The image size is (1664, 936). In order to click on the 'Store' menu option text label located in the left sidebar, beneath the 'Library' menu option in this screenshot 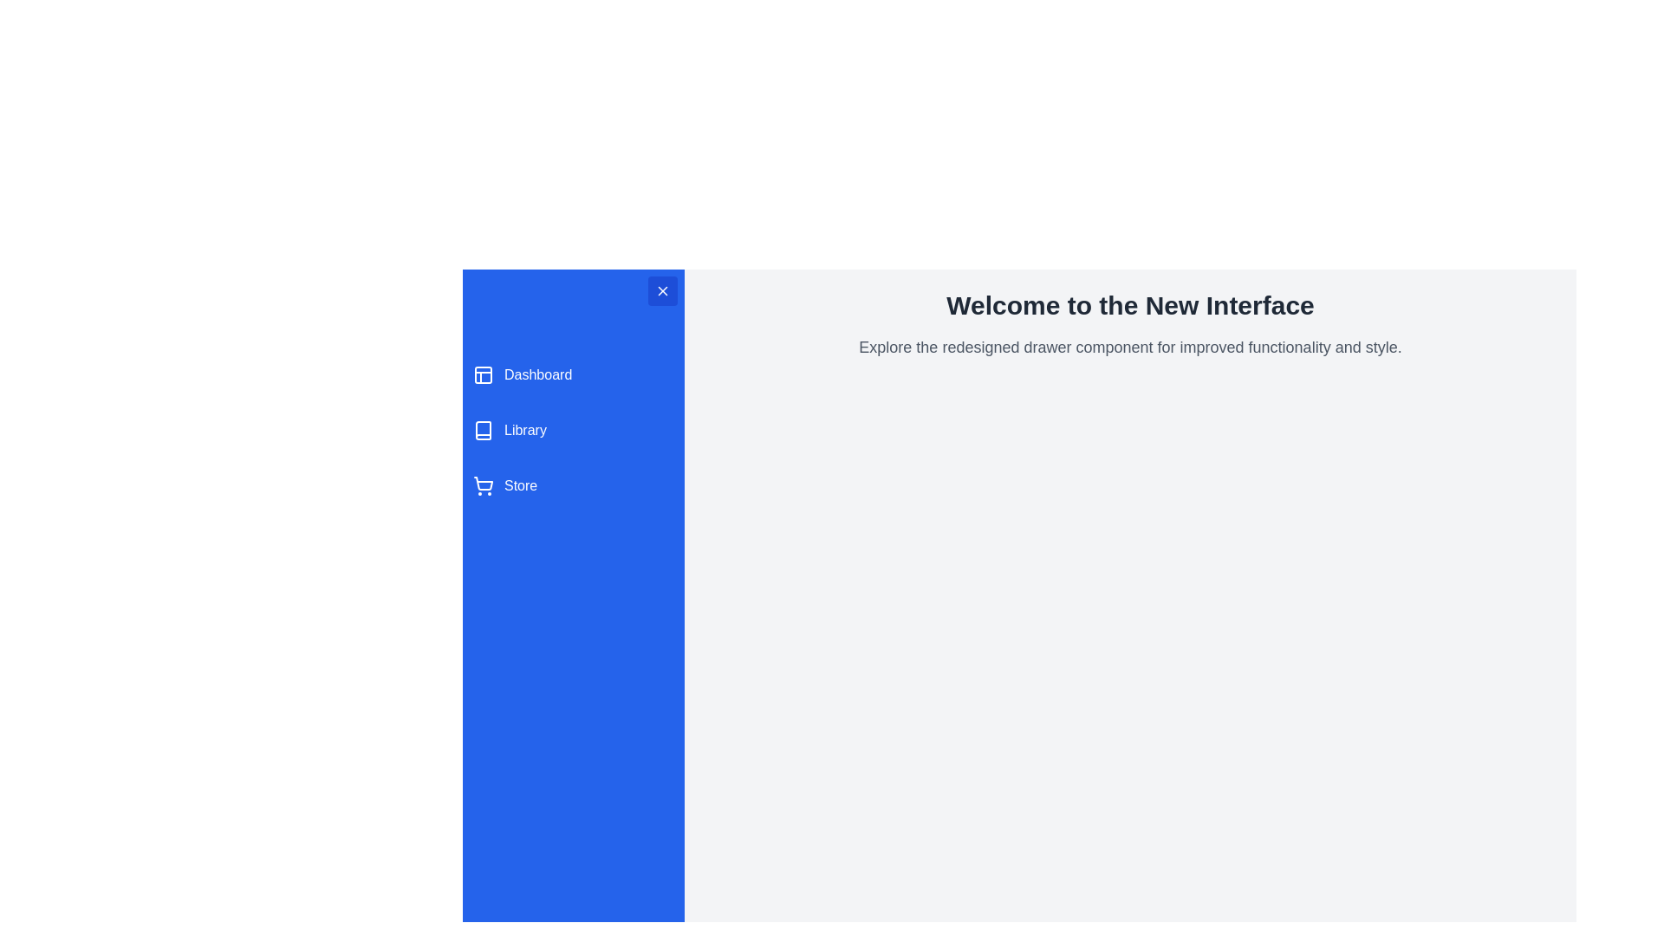, I will do `click(519, 485)`.